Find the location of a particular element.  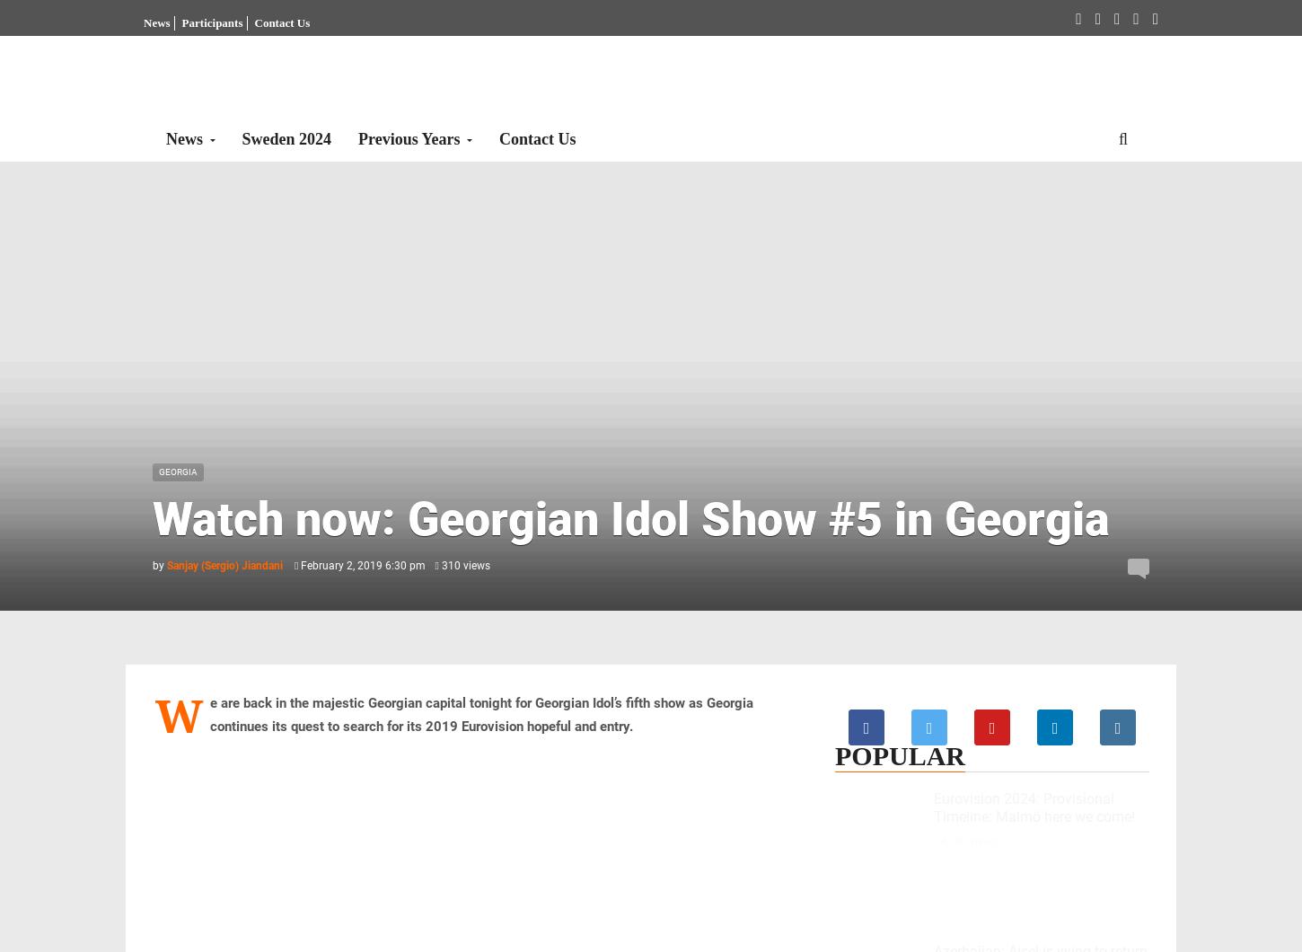

'4,770 views' is located at coordinates (967, 841).